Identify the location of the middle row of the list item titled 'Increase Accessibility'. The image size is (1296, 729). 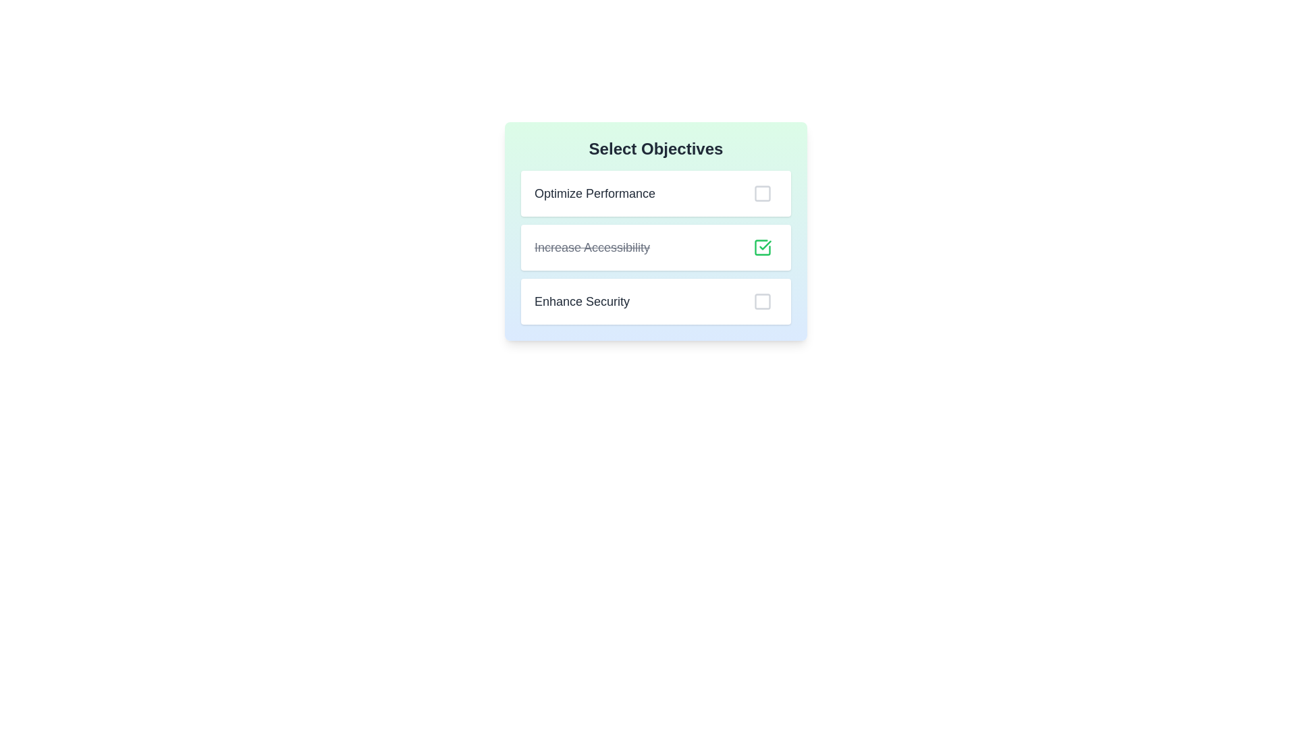
(655, 247).